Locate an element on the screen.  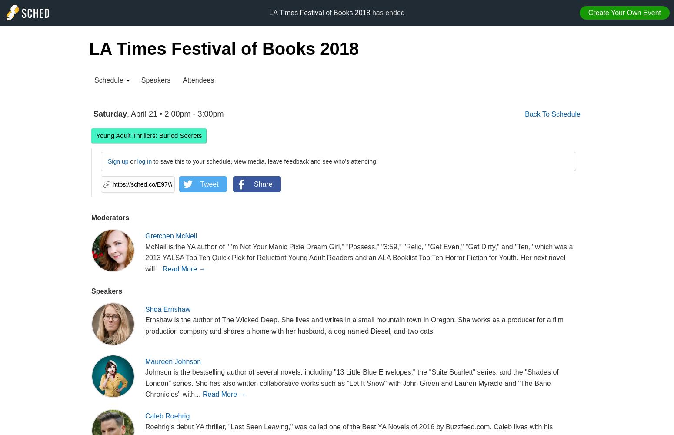
'Schedule' is located at coordinates (109, 80).